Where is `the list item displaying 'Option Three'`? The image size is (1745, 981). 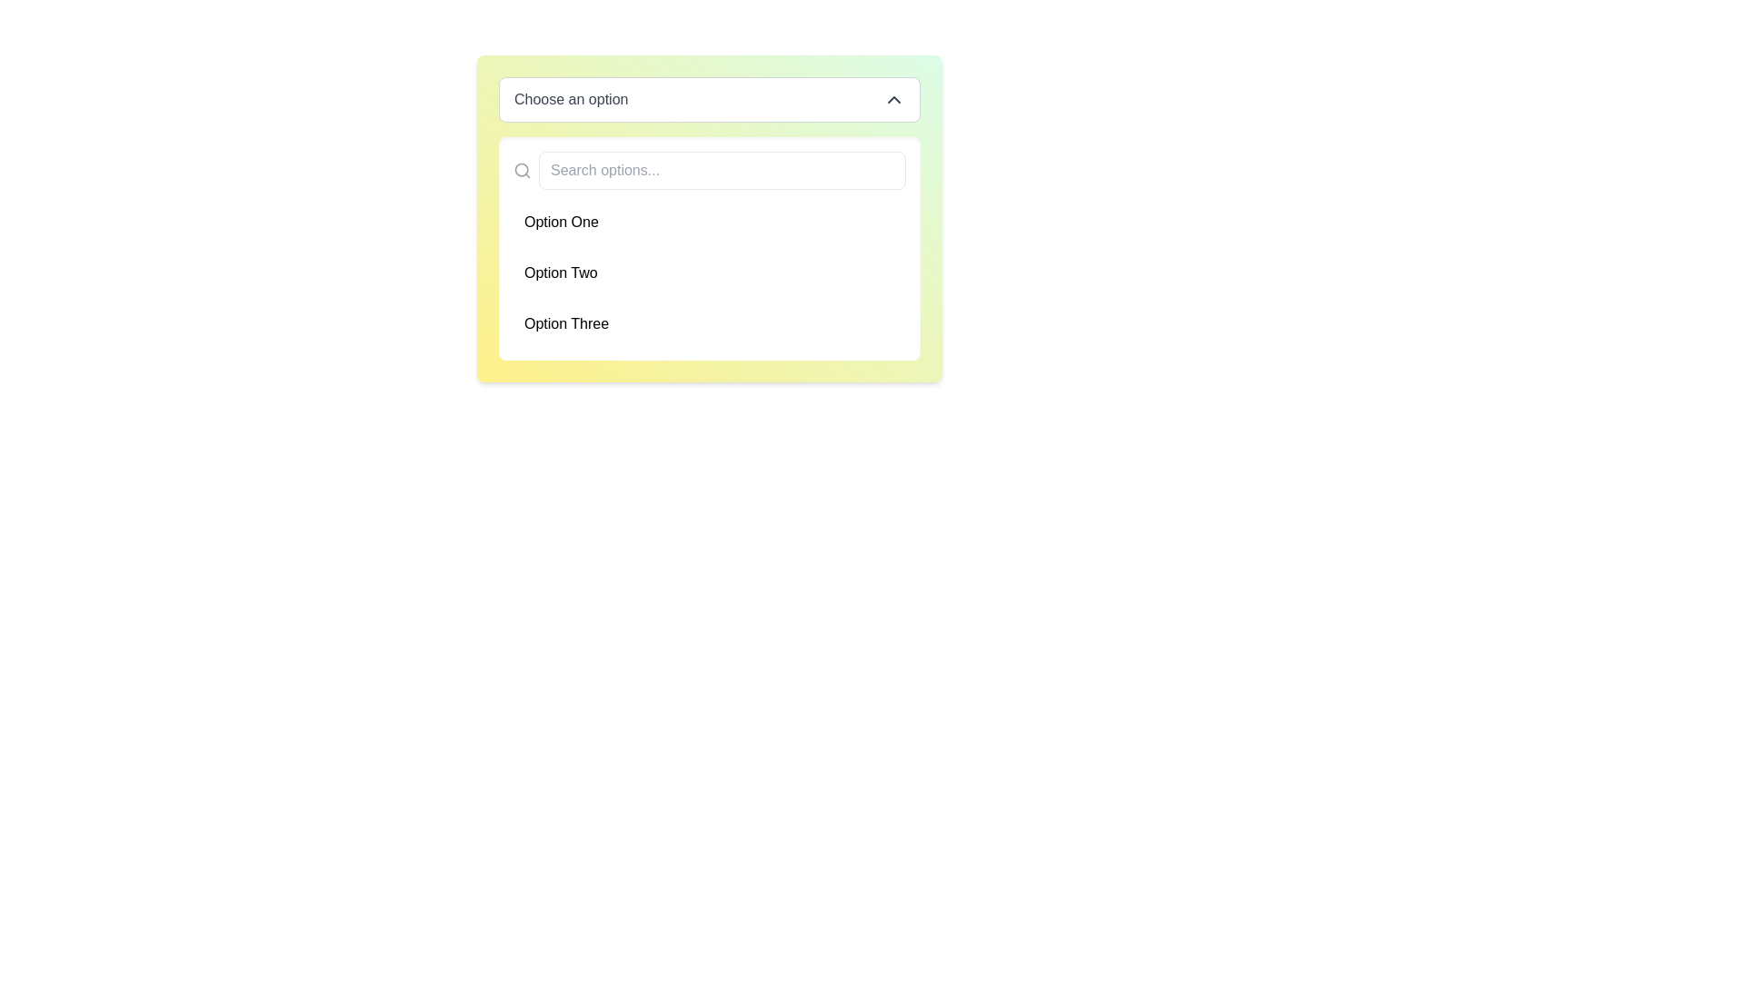
the list item displaying 'Option Three' is located at coordinates (709, 323).